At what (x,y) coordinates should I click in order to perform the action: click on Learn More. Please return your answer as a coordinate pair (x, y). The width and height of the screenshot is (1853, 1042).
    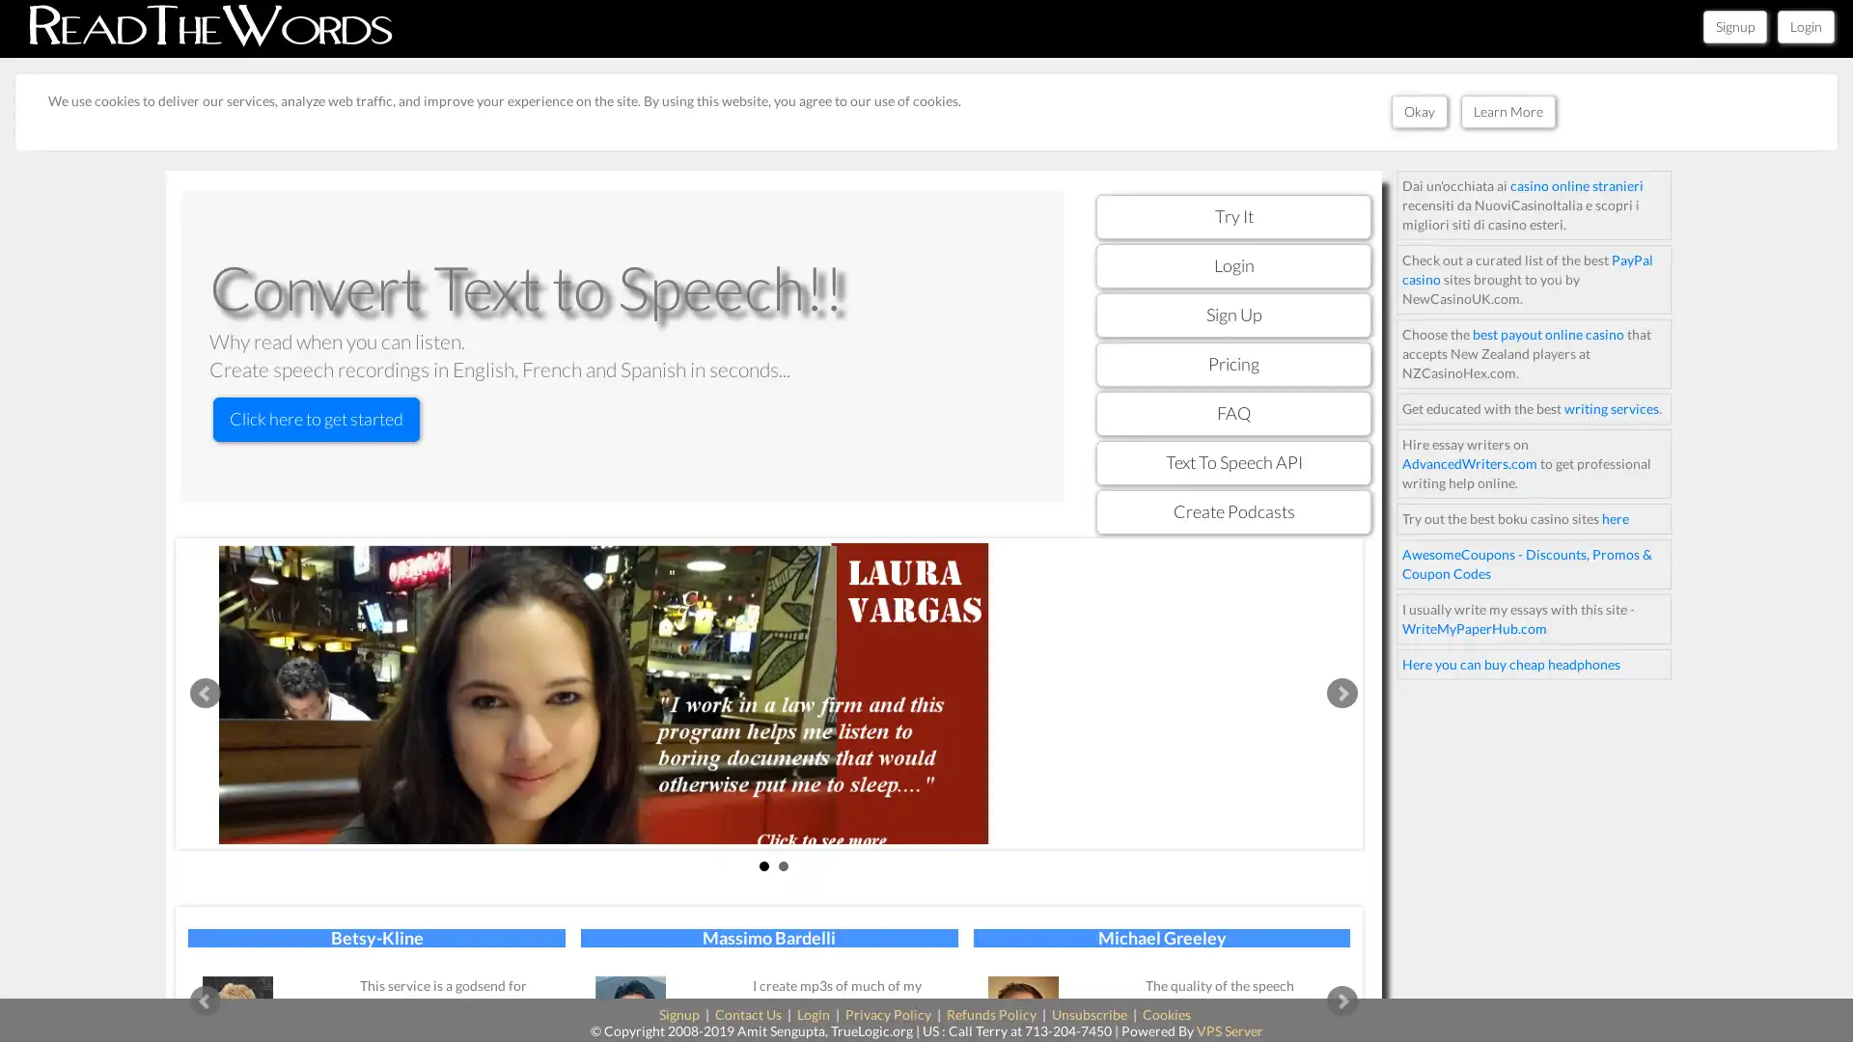
    Looking at the image, I should click on (1506, 111).